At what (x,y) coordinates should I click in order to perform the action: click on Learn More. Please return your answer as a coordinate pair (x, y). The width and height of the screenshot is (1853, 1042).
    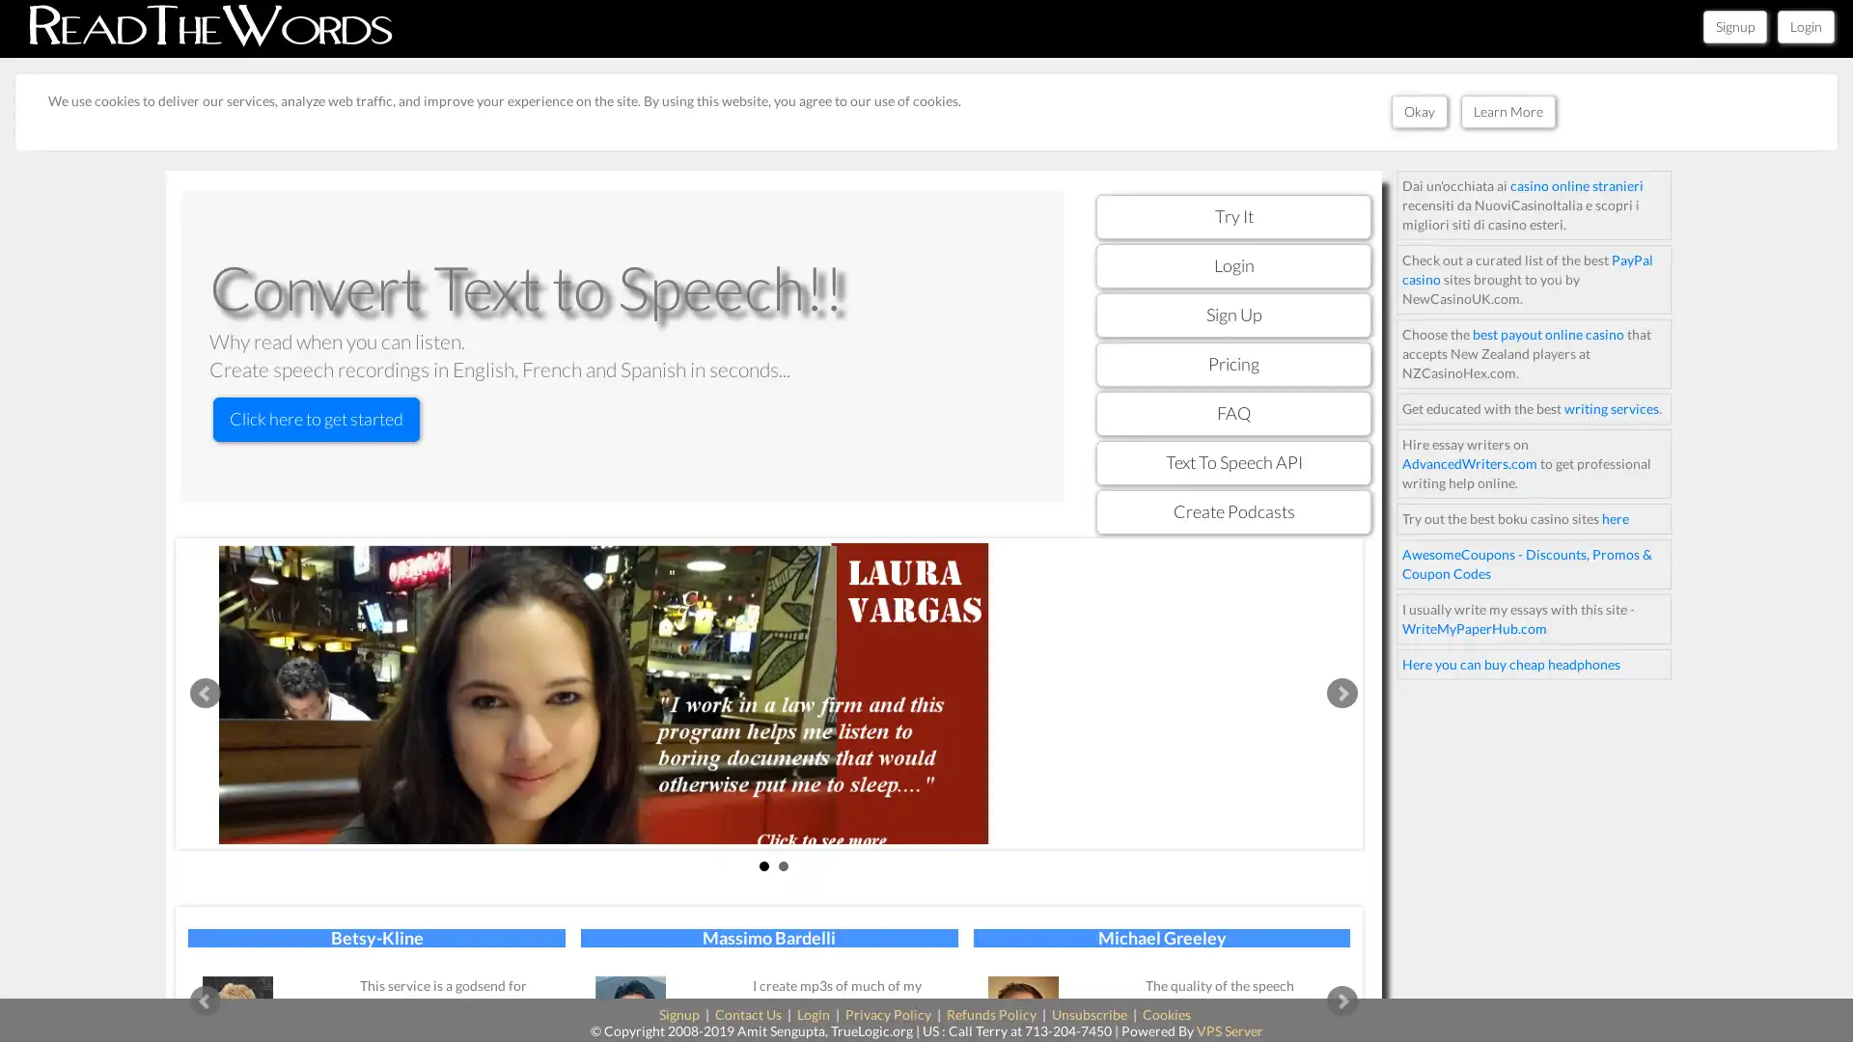
    Looking at the image, I should click on (1506, 111).